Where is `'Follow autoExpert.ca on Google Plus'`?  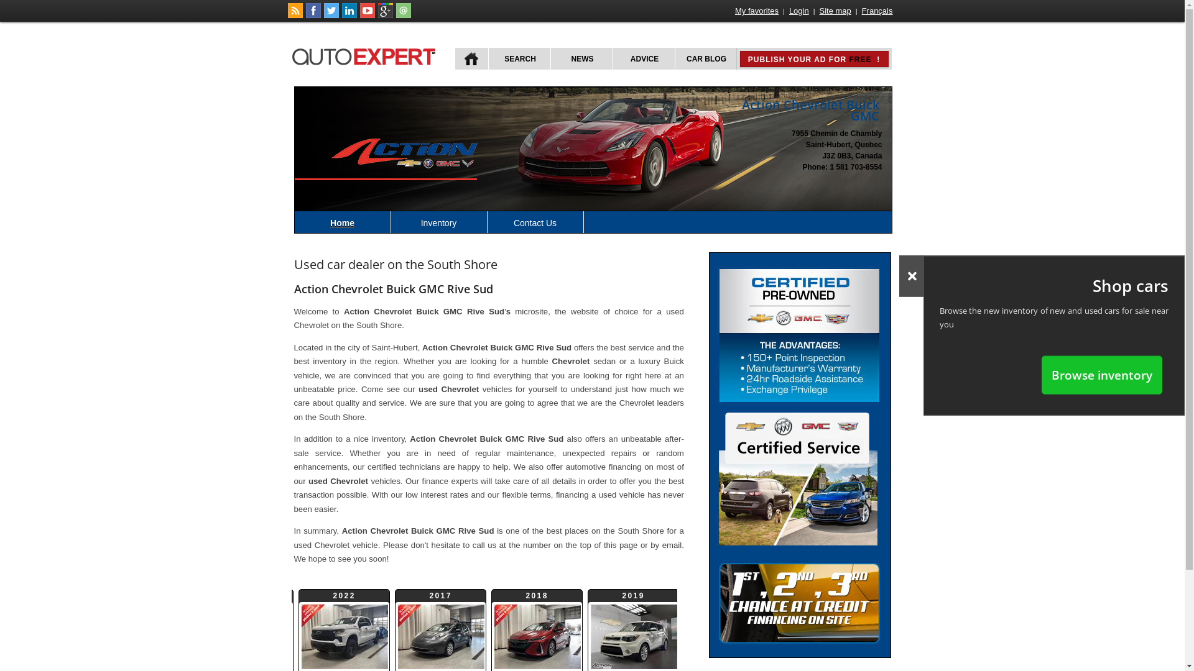 'Follow autoExpert.ca on Google Plus' is located at coordinates (384, 15).